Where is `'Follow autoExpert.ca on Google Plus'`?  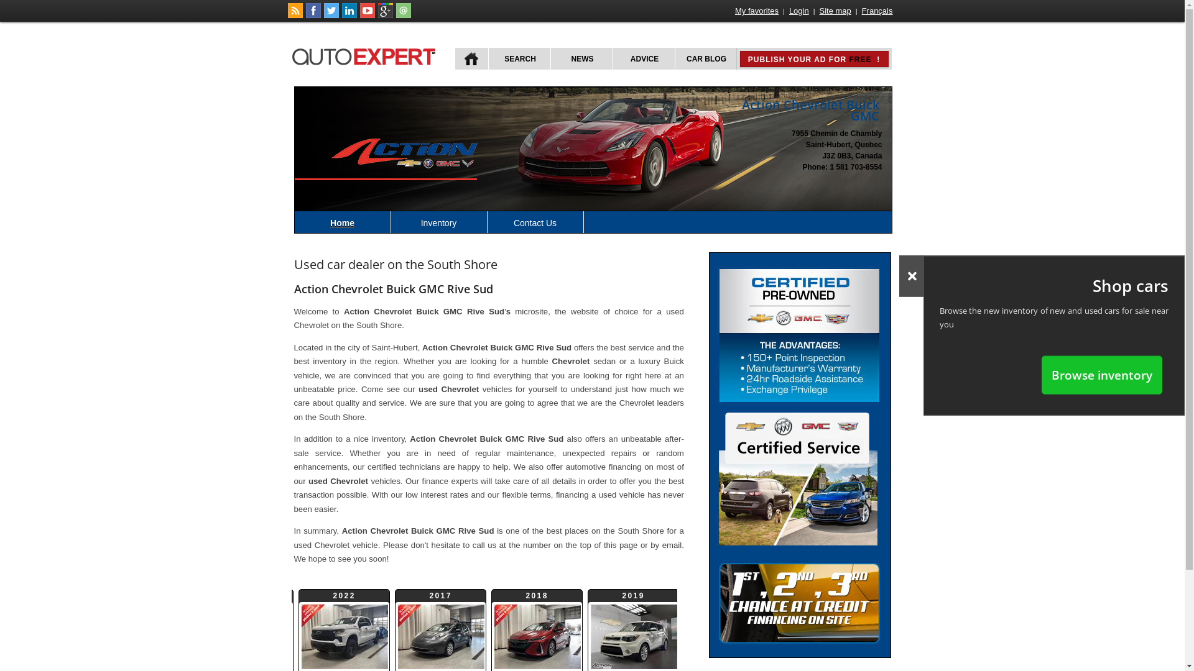 'Follow autoExpert.ca on Google Plus' is located at coordinates (384, 15).